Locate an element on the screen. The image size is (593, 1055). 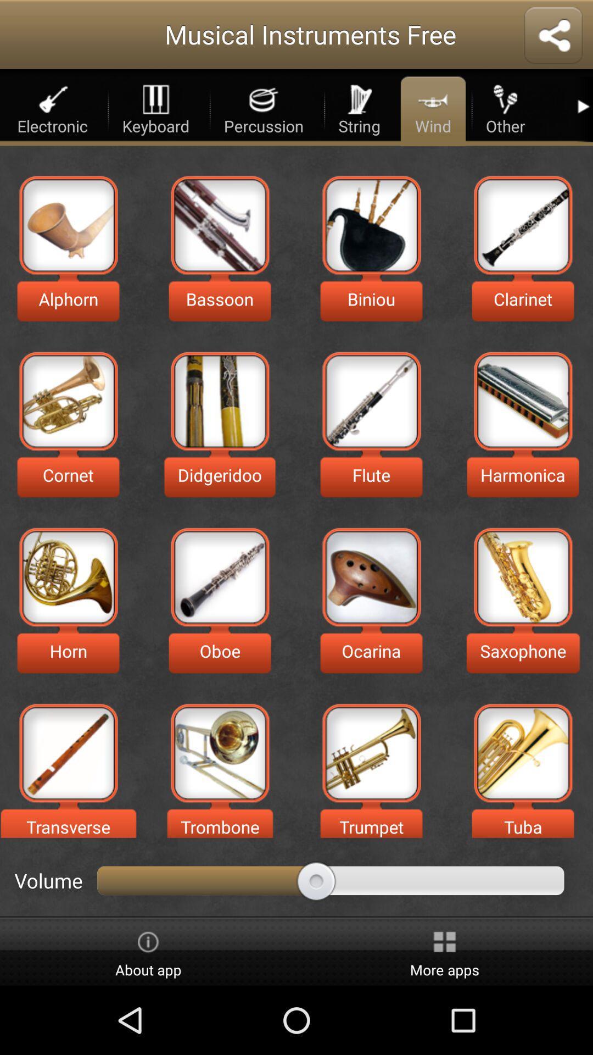
horn sound is located at coordinates (68, 576).